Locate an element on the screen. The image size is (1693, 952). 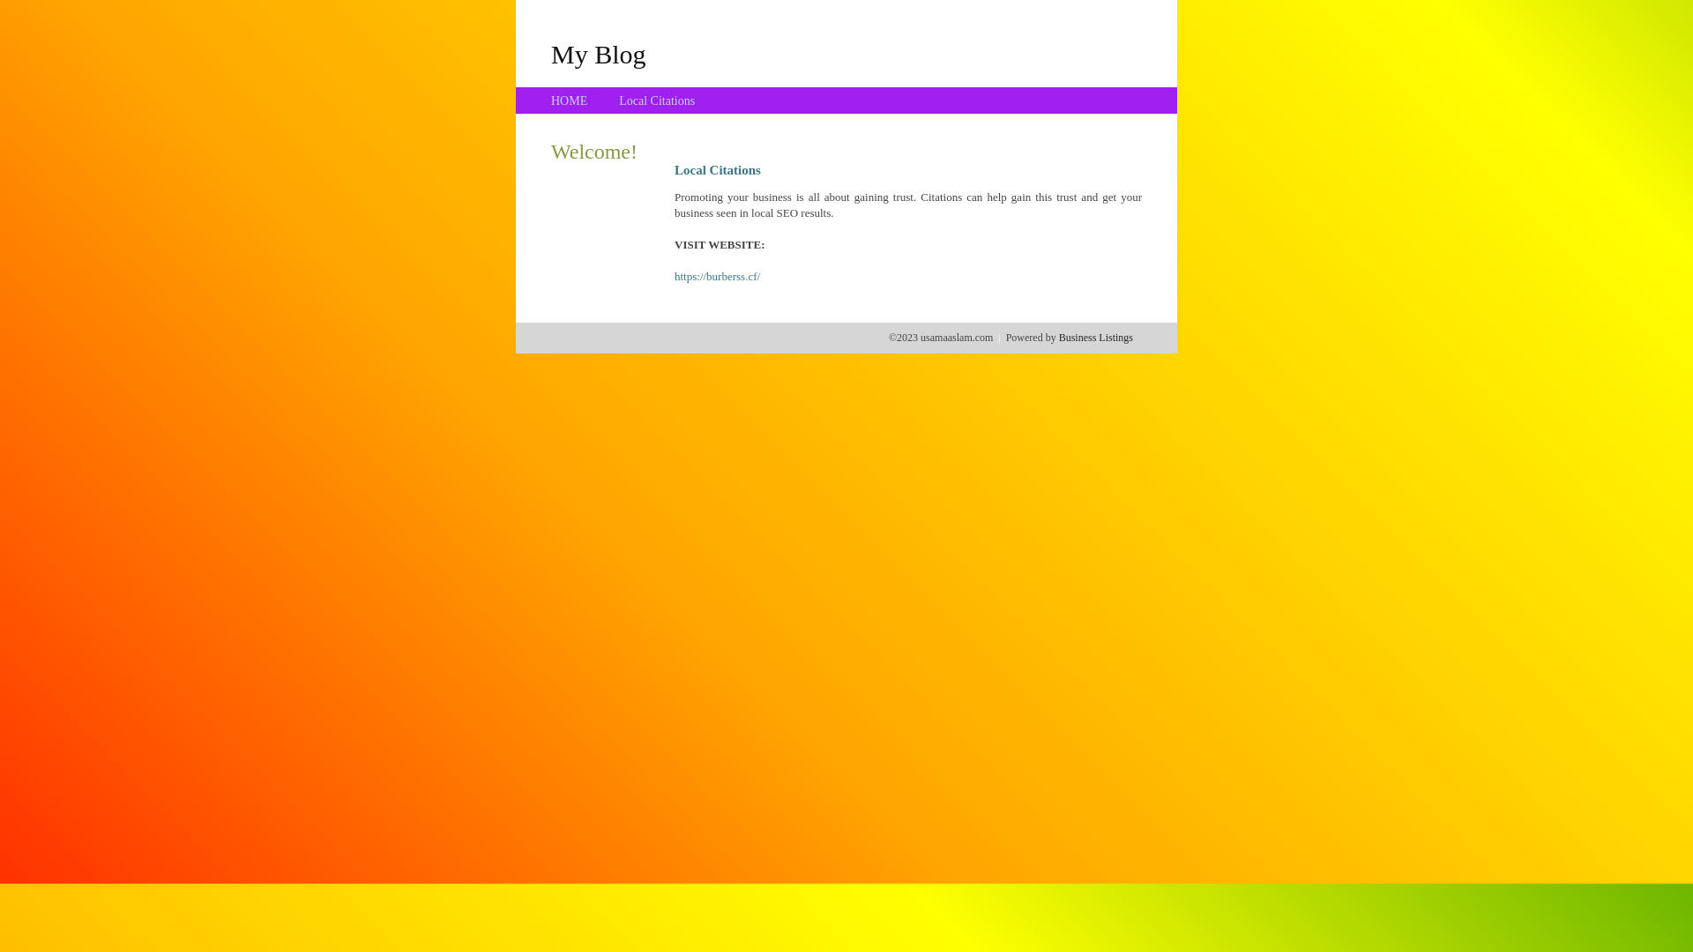
'https://burberss.cf/' is located at coordinates (717, 276).